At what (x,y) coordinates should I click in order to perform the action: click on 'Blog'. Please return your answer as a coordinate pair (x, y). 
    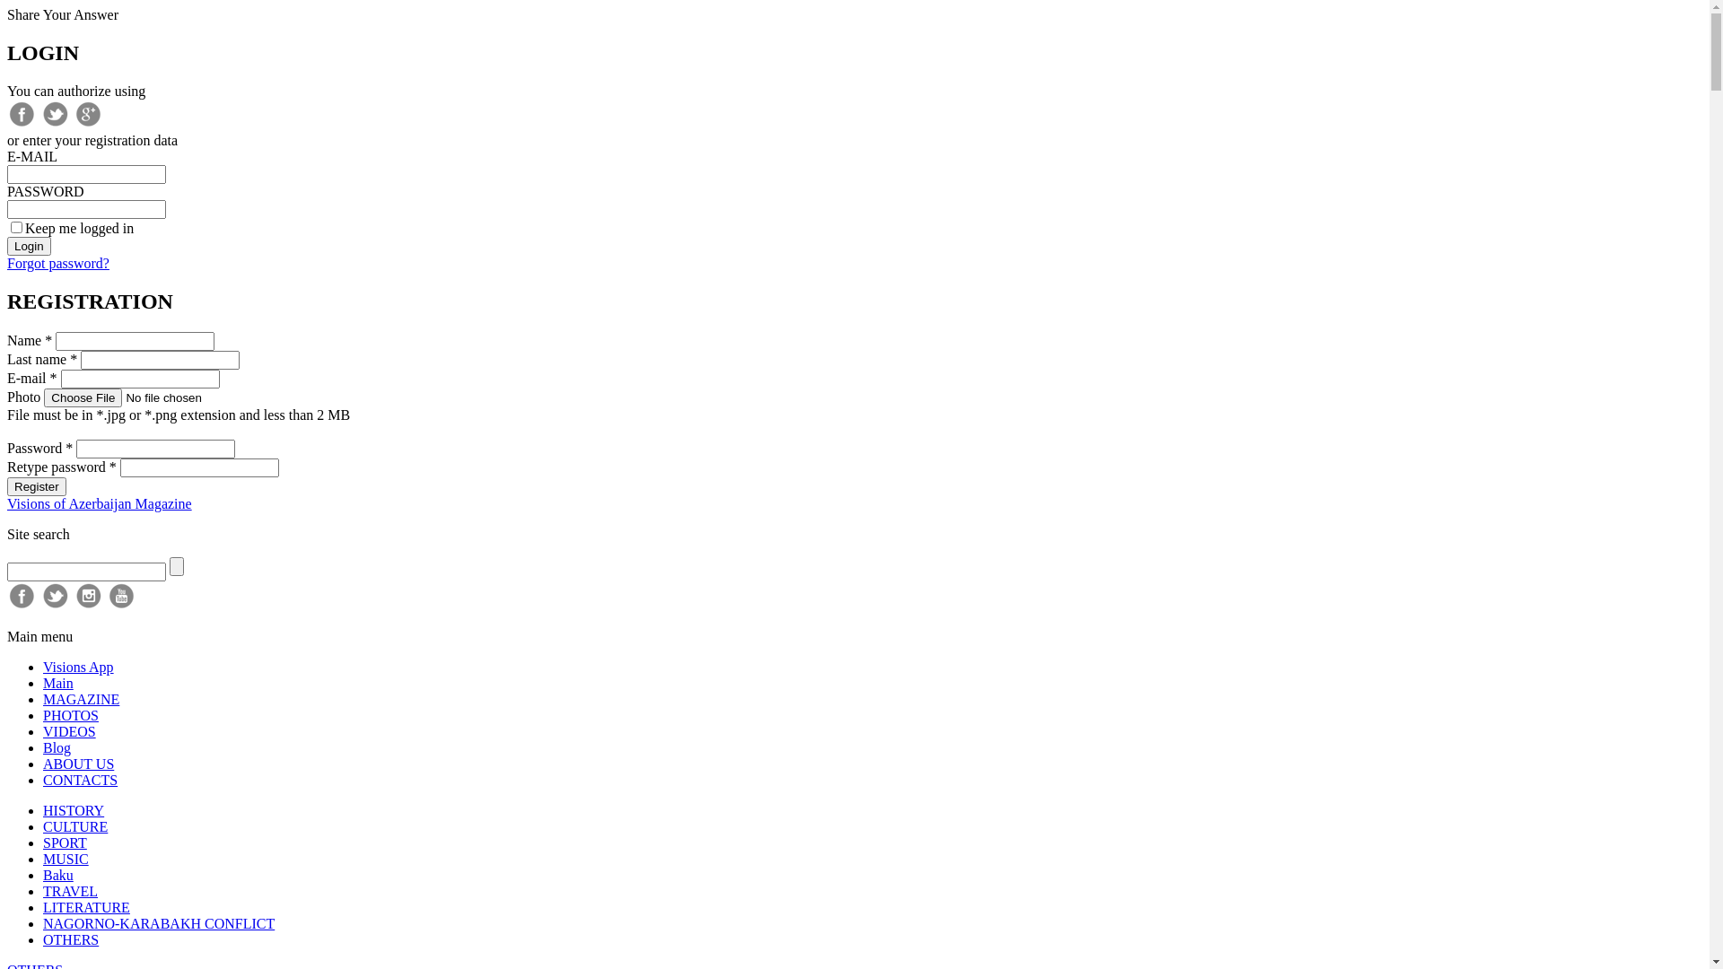
    Looking at the image, I should click on (57, 747).